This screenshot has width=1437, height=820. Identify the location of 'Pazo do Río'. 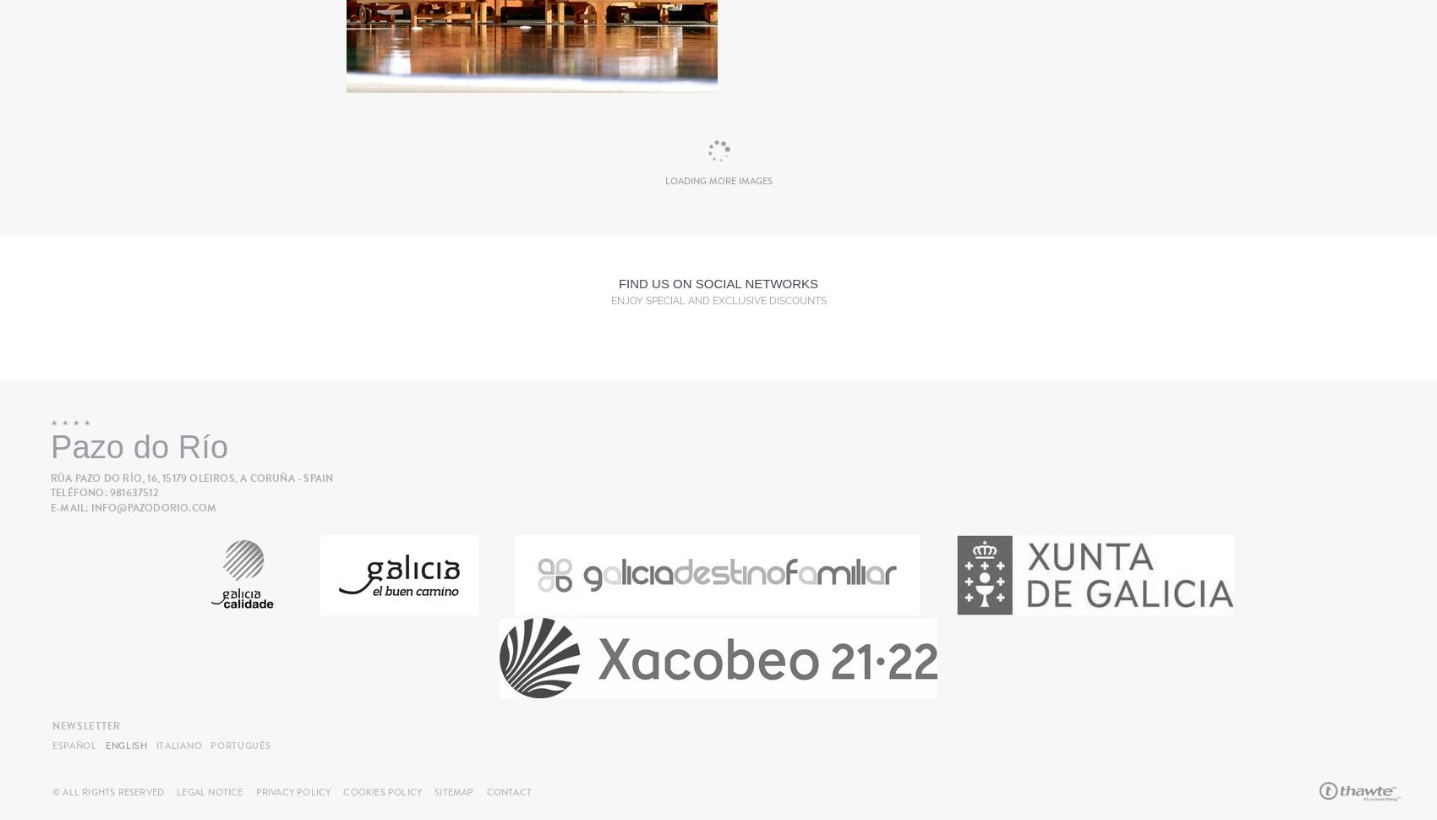
(51, 447).